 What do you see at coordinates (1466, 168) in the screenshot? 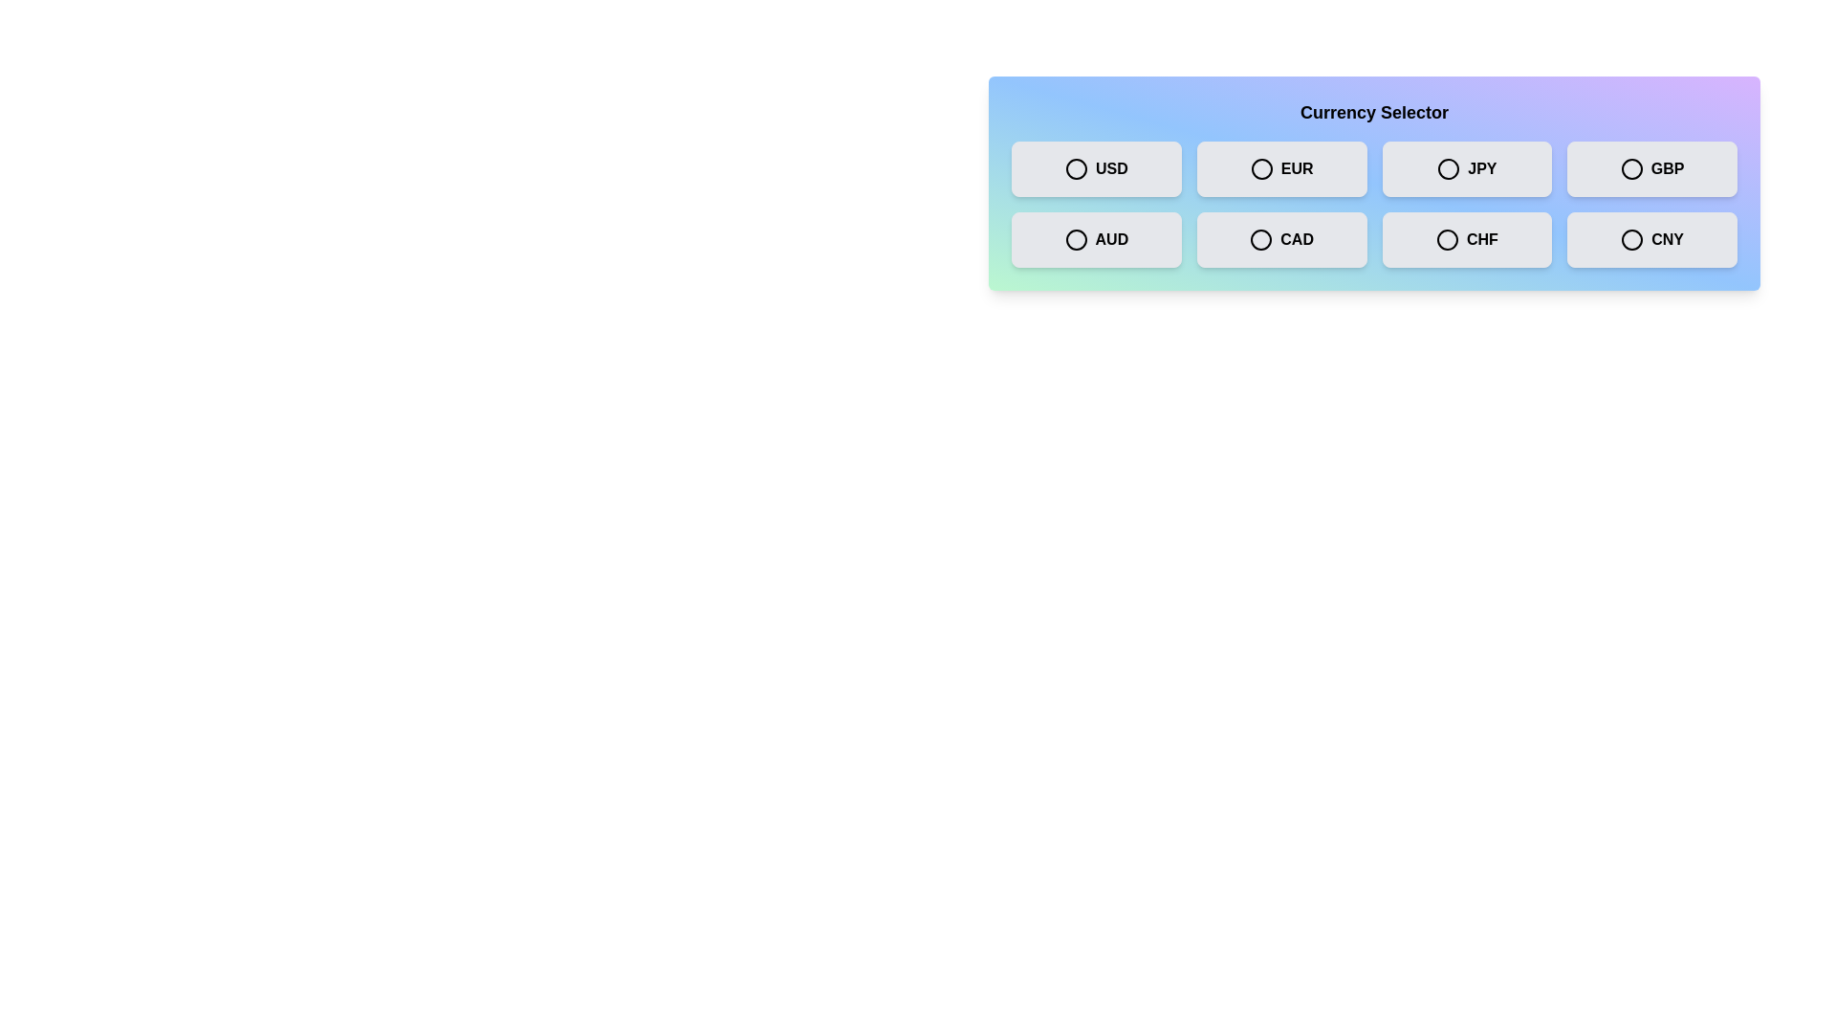
I see `the currency JPY by clicking on its respective button` at bounding box center [1466, 168].